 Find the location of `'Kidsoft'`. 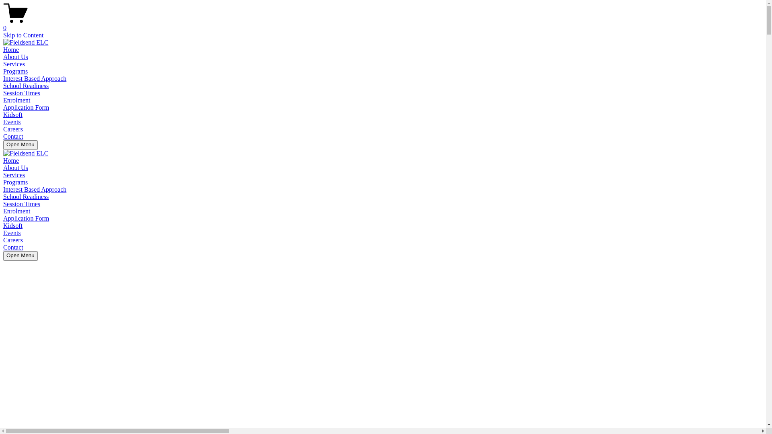

'Kidsoft' is located at coordinates (13, 115).